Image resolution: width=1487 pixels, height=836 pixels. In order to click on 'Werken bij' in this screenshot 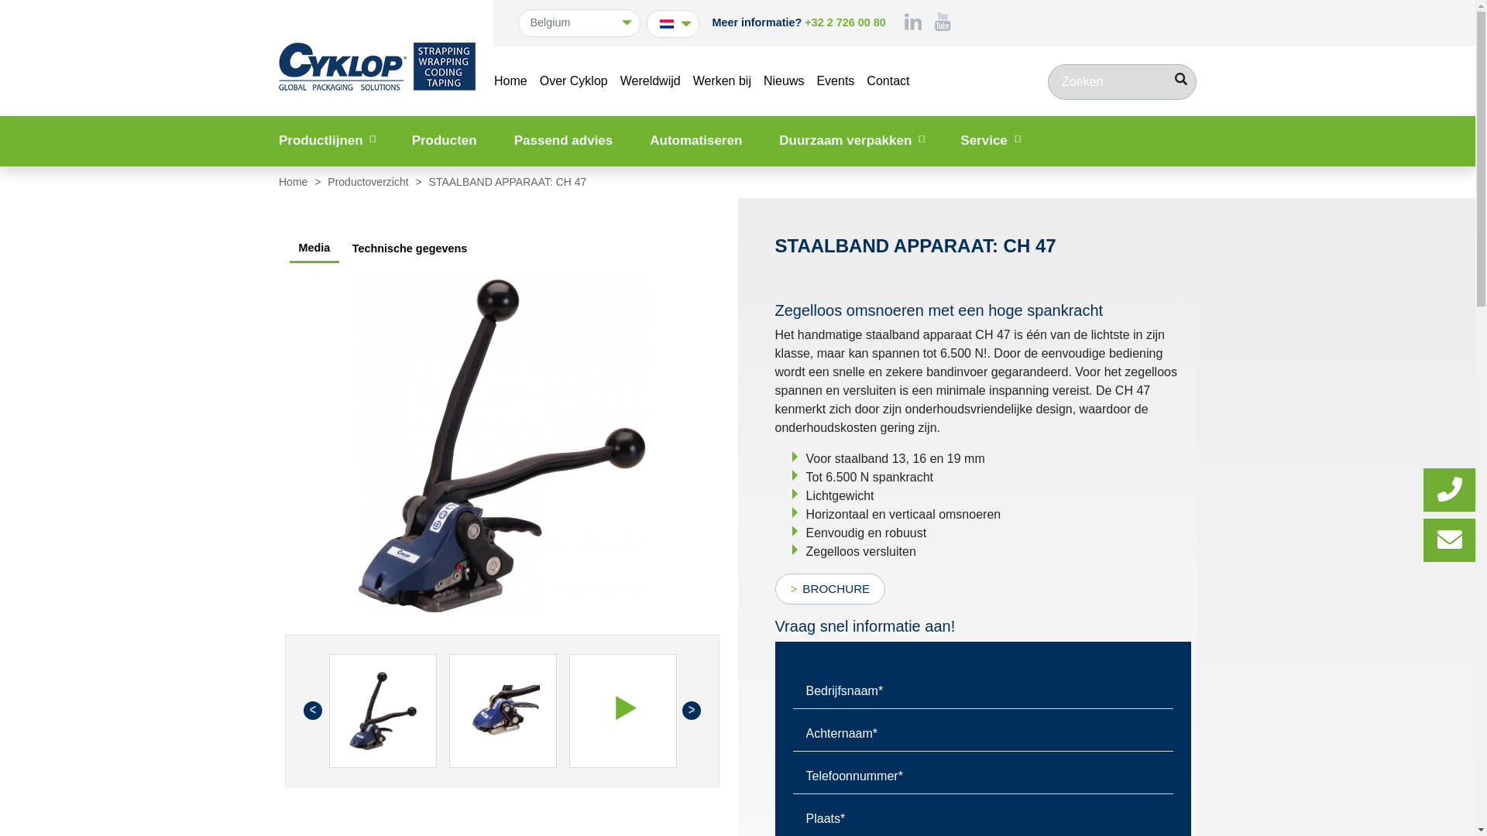, I will do `click(721, 81)`.